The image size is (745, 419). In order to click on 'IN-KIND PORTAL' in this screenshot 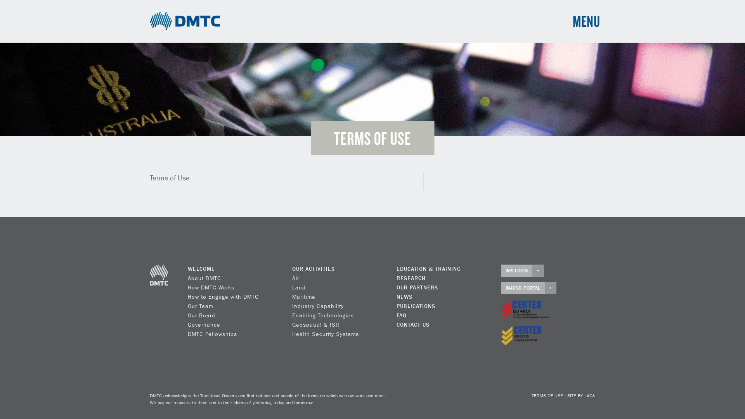, I will do `click(528, 288)`.